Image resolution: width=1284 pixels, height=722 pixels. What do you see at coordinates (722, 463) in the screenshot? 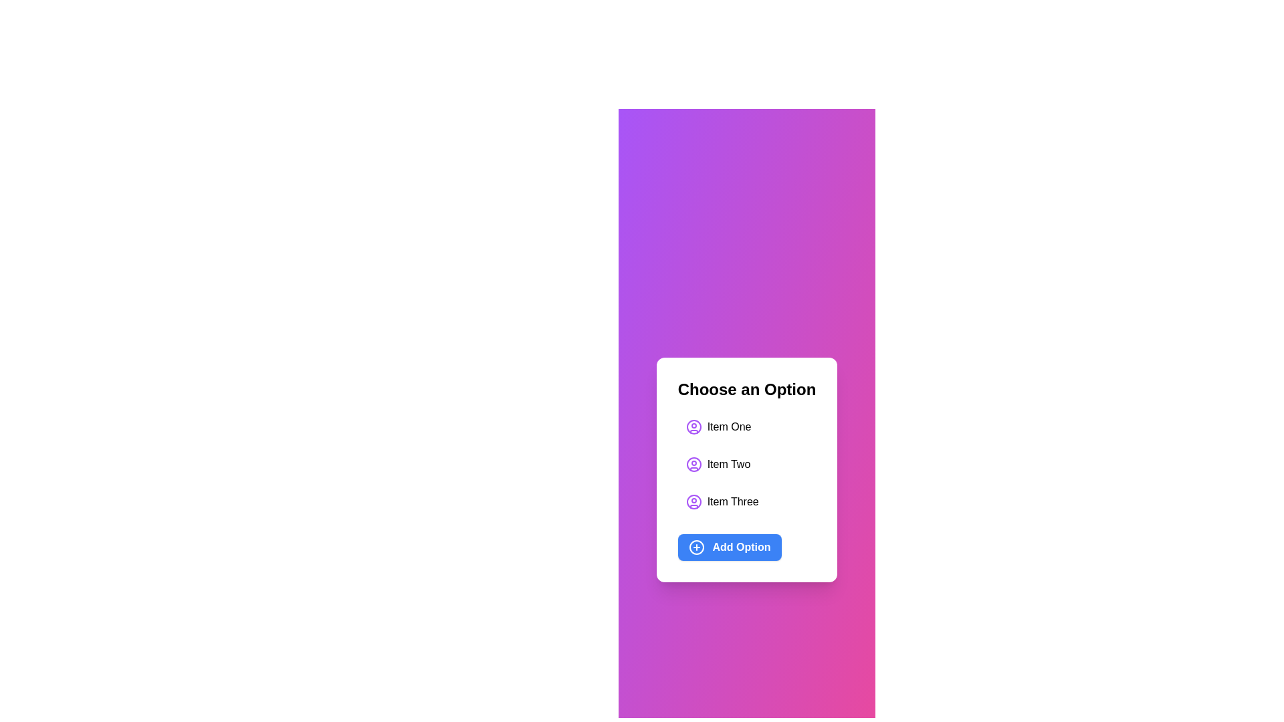
I see `the list item Item Two to select it` at bounding box center [722, 463].